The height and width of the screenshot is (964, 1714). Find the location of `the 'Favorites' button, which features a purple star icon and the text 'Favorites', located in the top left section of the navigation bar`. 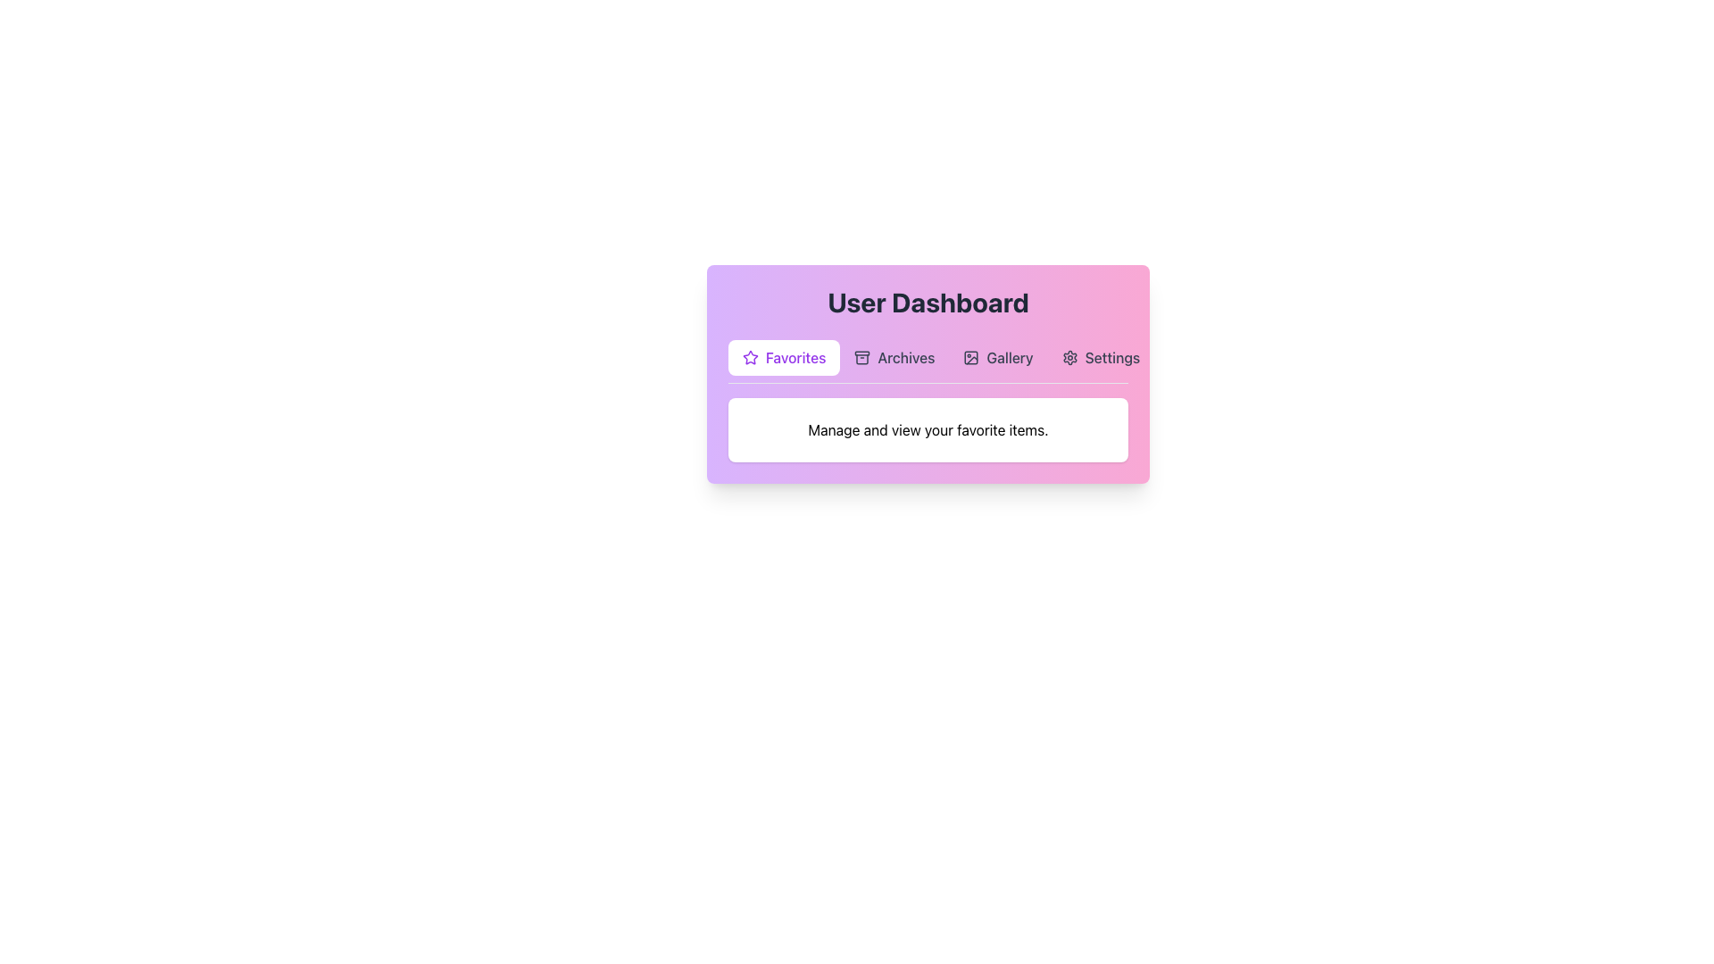

the 'Favorites' button, which features a purple star icon and the text 'Favorites', located in the top left section of the navigation bar is located at coordinates (784, 358).